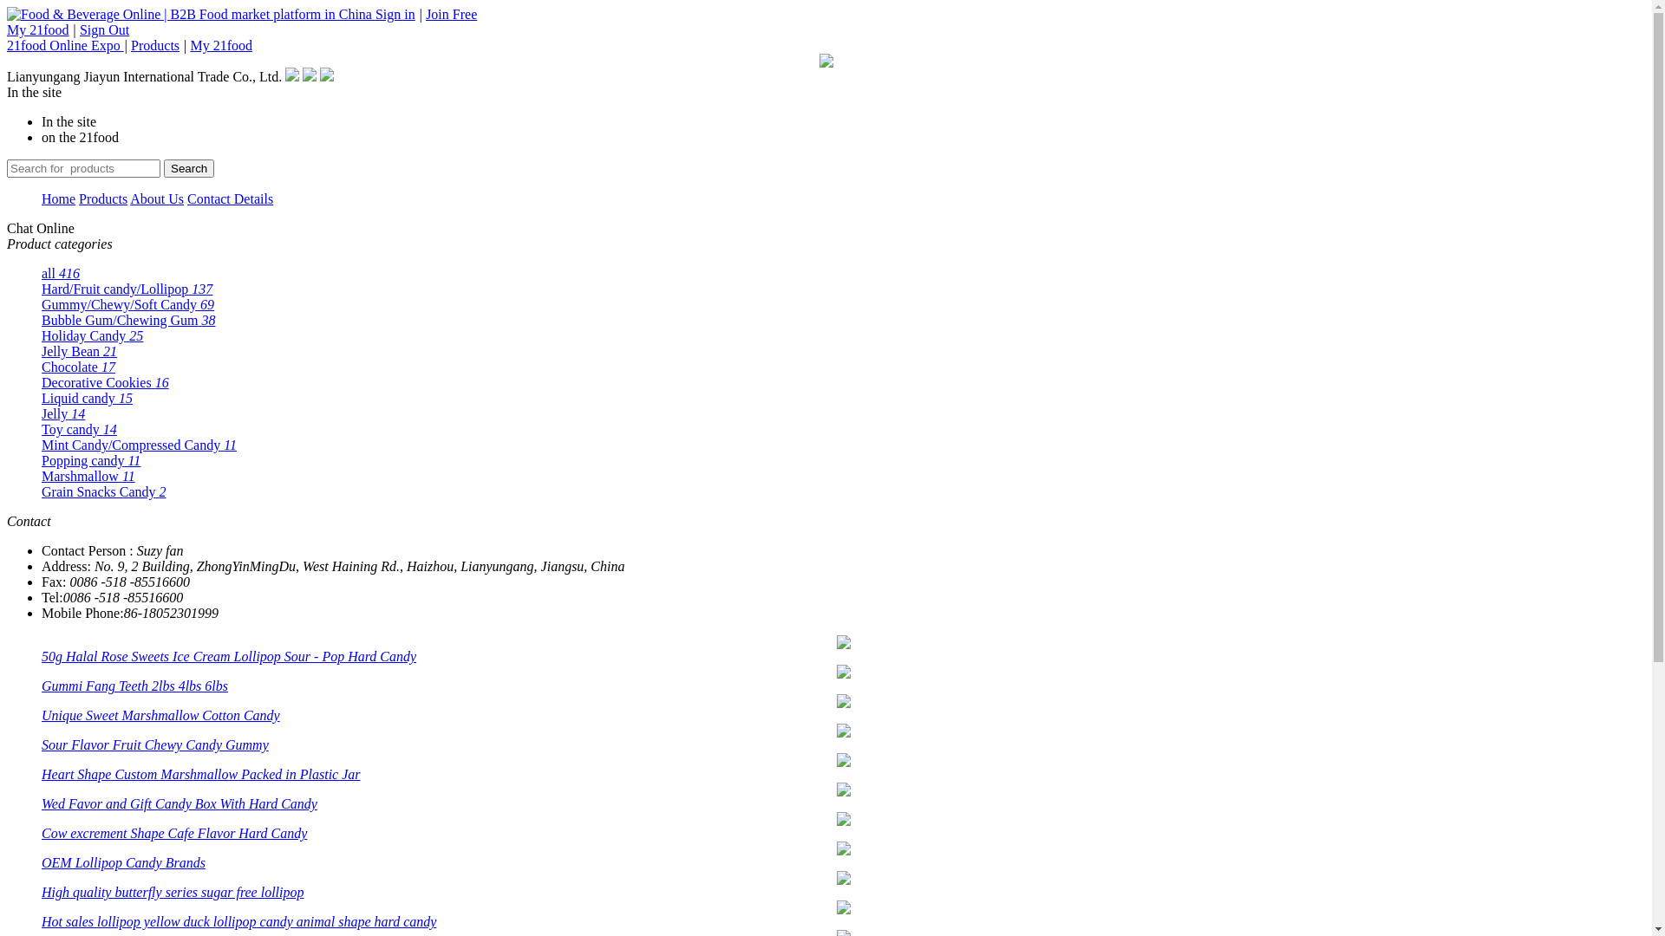 The image size is (1665, 936). Describe the element at coordinates (104, 381) in the screenshot. I see `'Decorative Cookies 16'` at that location.